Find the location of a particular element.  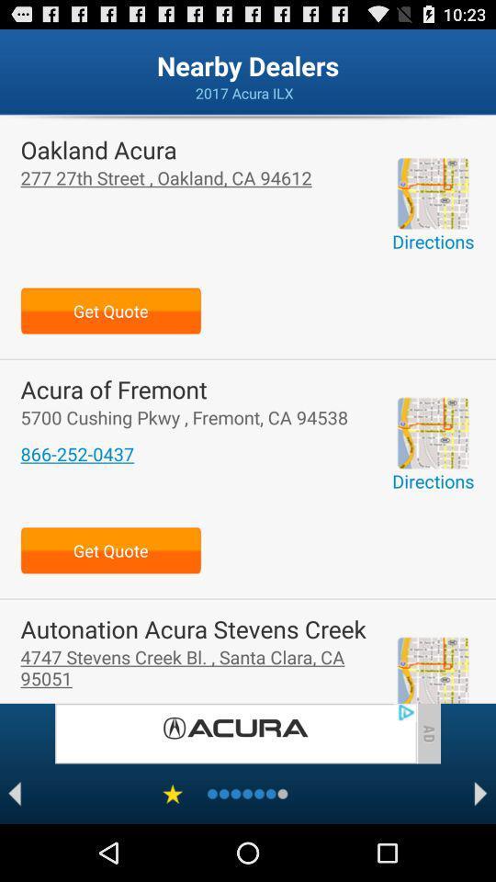

open map is located at coordinates (433, 433).